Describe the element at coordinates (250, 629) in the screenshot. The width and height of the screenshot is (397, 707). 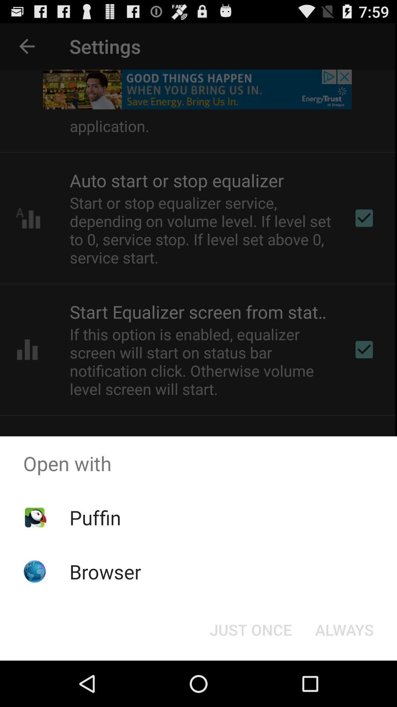
I see `just once button` at that location.